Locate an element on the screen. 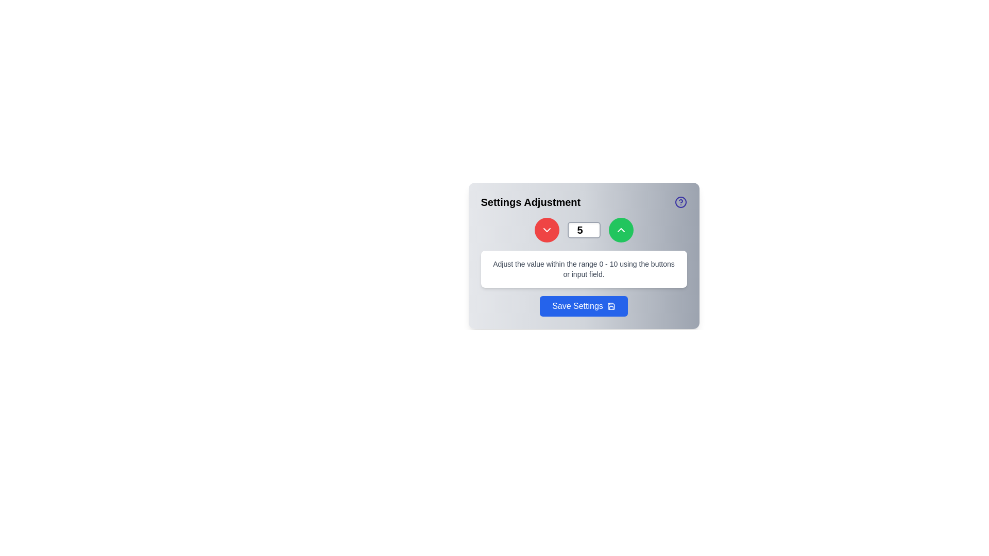 The image size is (989, 556). the numerical settings adjustment panel located at the center of the modal is located at coordinates (584, 255).